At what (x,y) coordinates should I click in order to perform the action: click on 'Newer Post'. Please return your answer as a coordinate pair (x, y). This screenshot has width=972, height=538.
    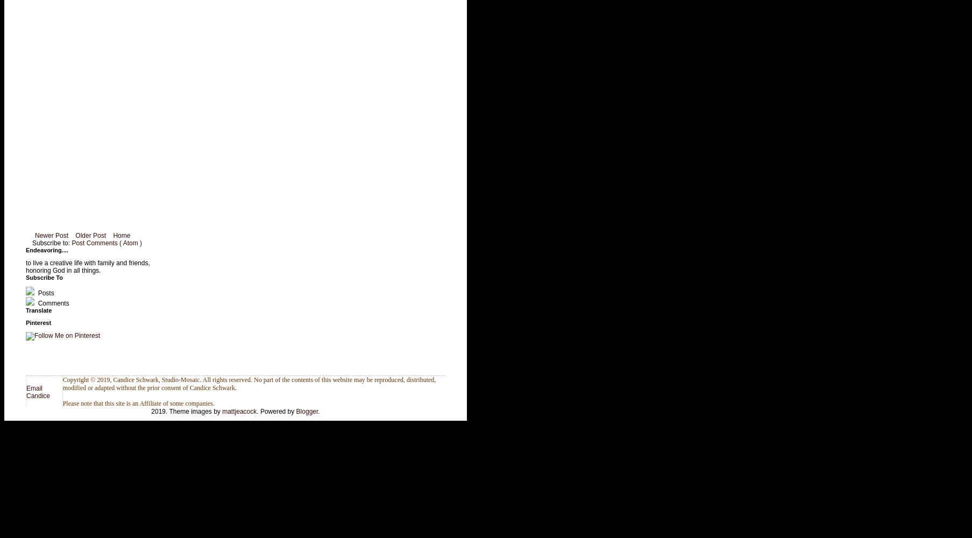
    Looking at the image, I should click on (35, 236).